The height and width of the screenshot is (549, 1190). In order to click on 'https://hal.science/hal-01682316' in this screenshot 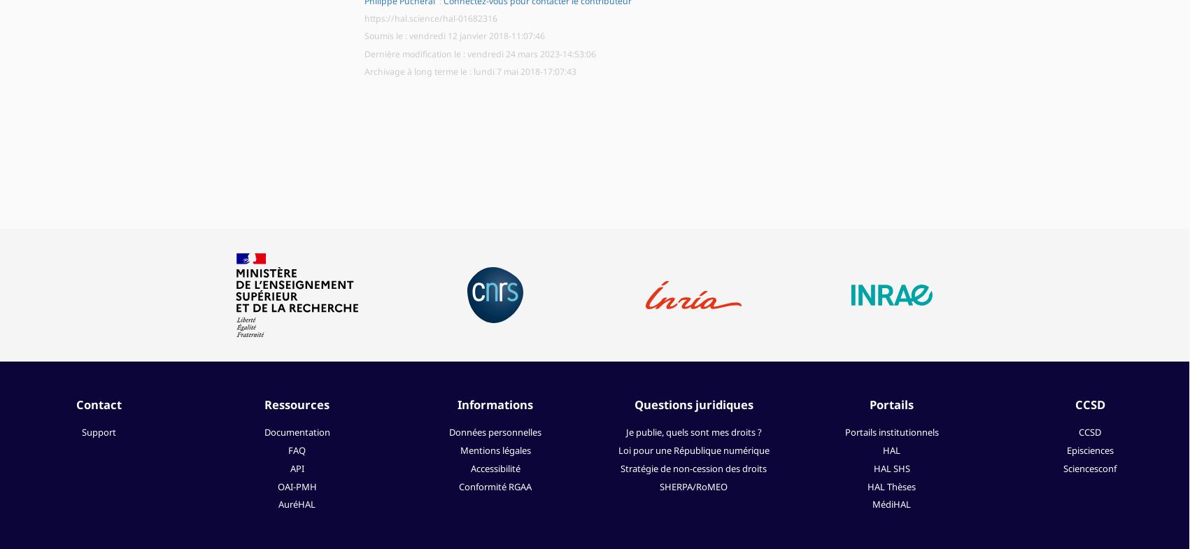, I will do `click(430, 17)`.